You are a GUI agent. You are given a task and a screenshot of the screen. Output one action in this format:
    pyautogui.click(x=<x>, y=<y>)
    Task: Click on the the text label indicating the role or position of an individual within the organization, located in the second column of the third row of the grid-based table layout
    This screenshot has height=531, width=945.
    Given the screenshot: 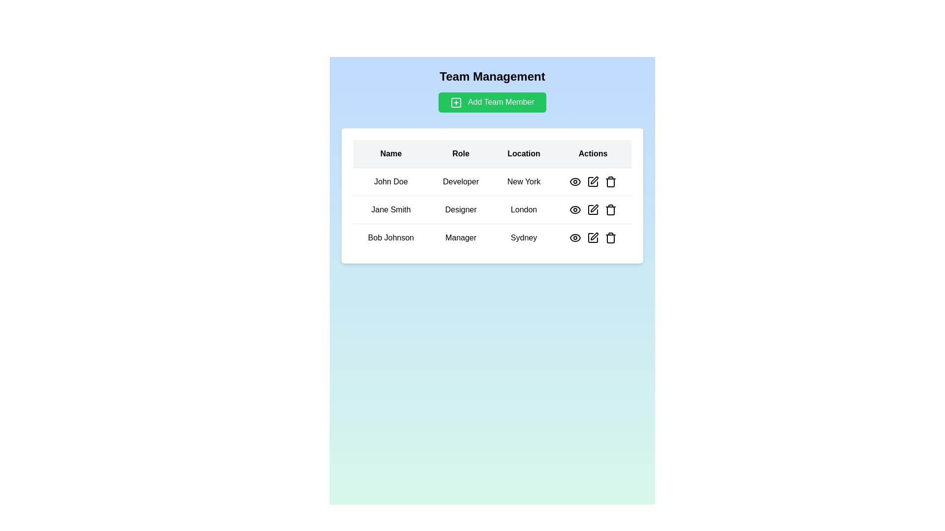 What is the action you would take?
    pyautogui.click(x=460, y=237)
    